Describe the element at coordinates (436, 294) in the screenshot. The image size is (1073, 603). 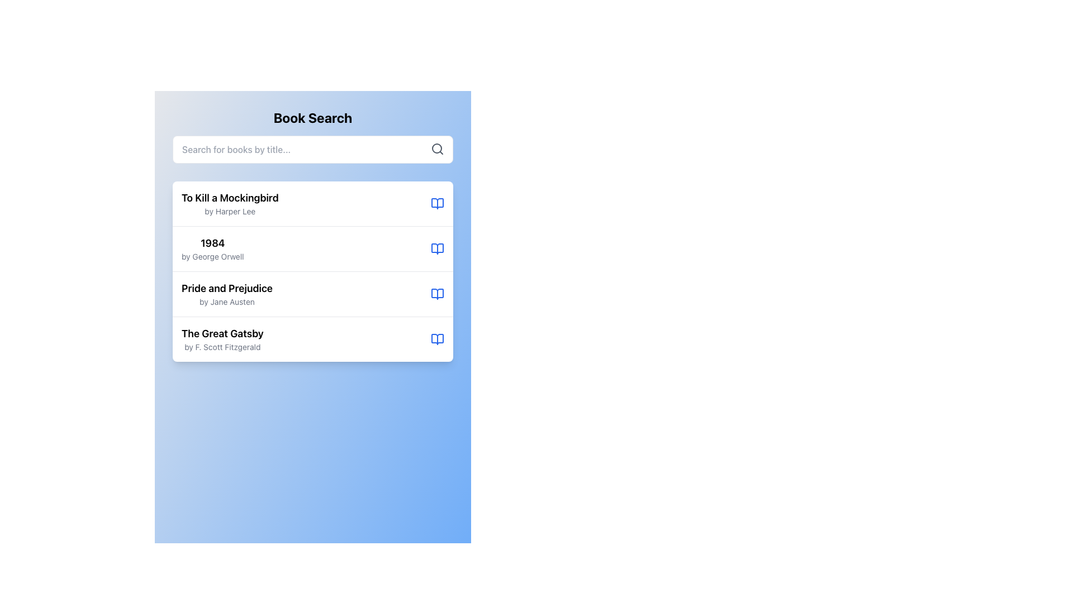
I see `the lower part of the book icon beside the third book entry, which serves as a visual indicator for an interactive action` at that location.